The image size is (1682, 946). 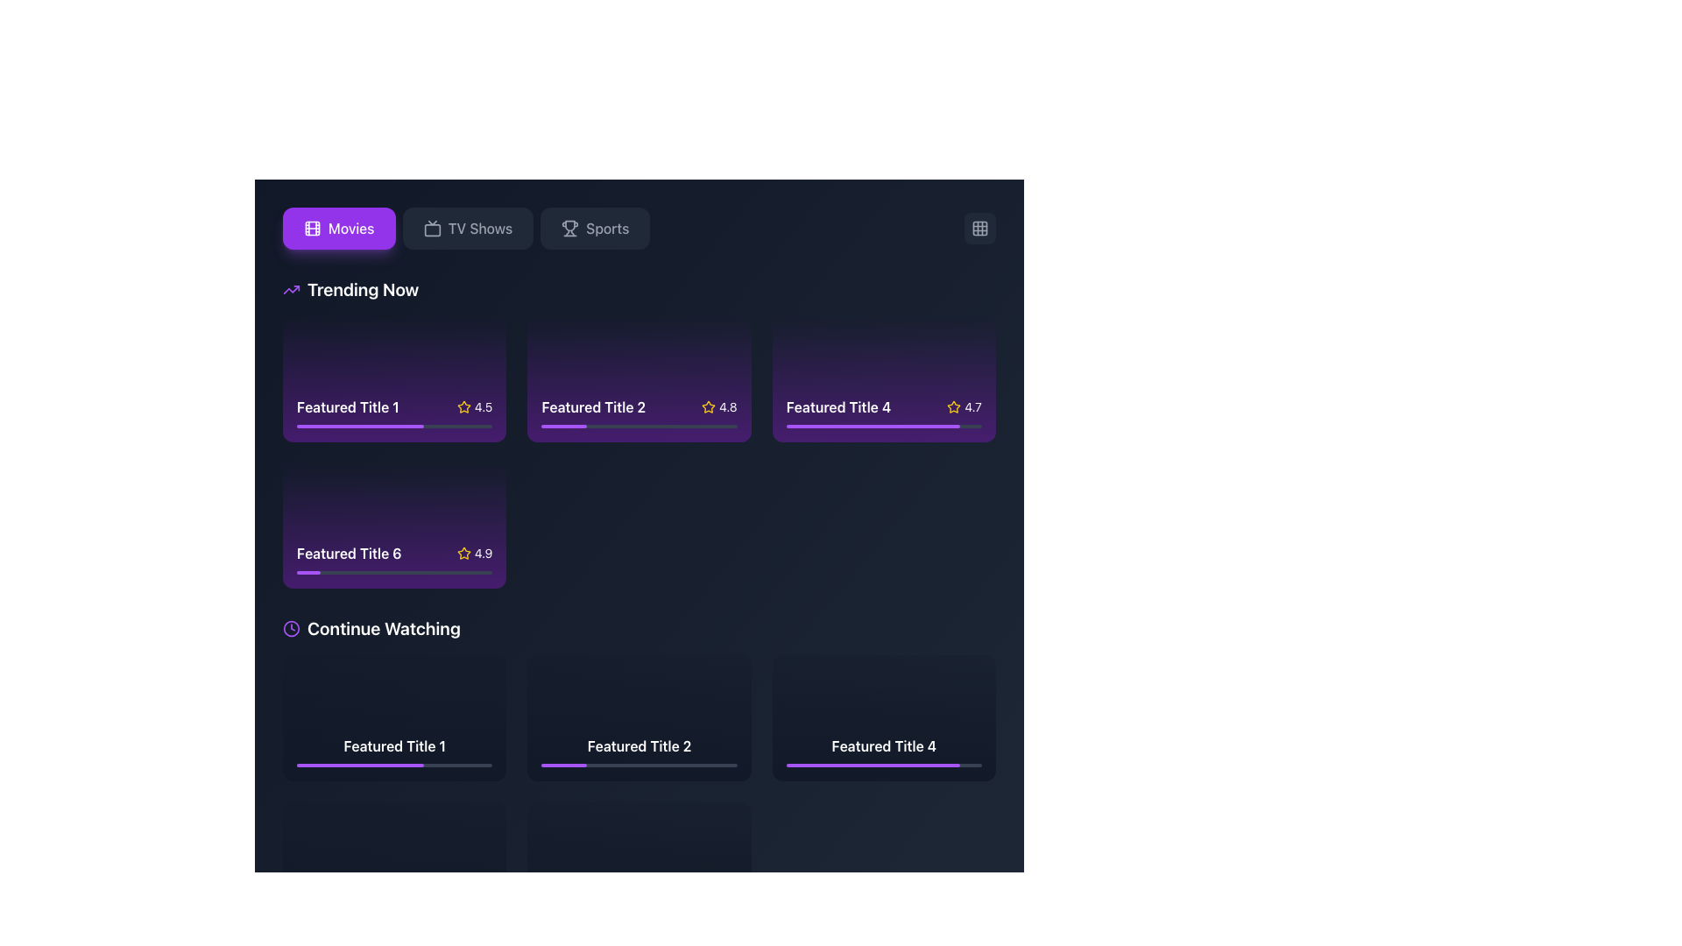 What do you see at coordinates (393, 554) in the screenshot?
I see `the third item in the second row of the 'Trending Now' section` at bounding box center [393, 554].